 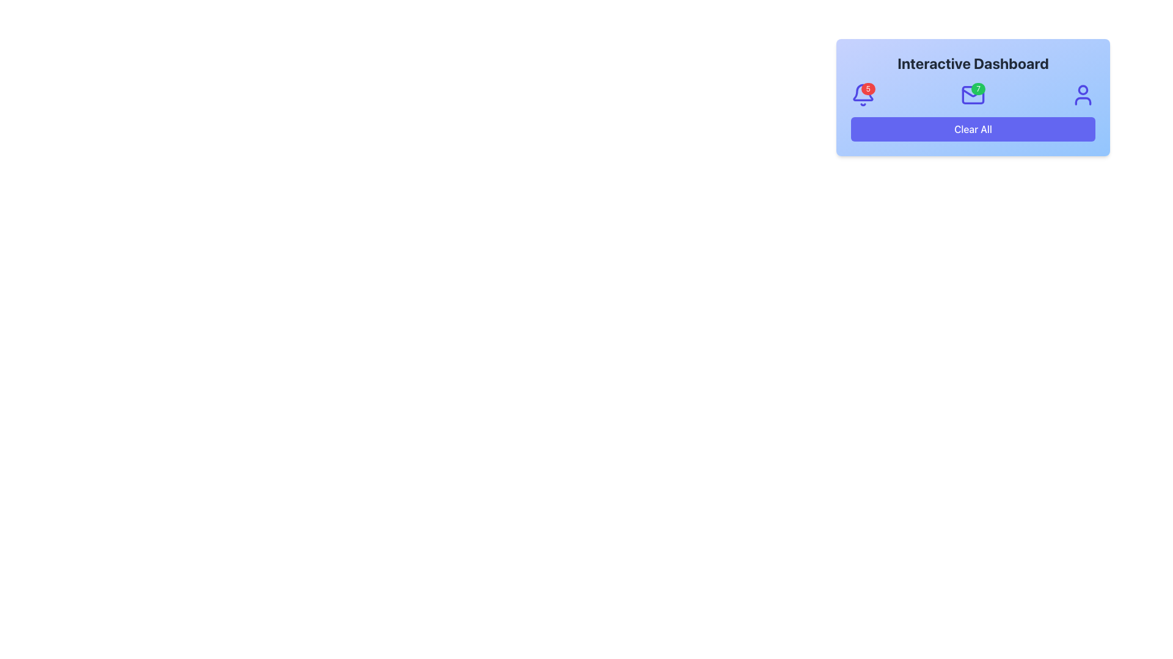 What do you see at coordinates (978, 88) in the screenshot?
I see `the Notification Badge located at the top-right corner of the mail icon, which displays the count of items or messages` at bounding box center [978, 88].